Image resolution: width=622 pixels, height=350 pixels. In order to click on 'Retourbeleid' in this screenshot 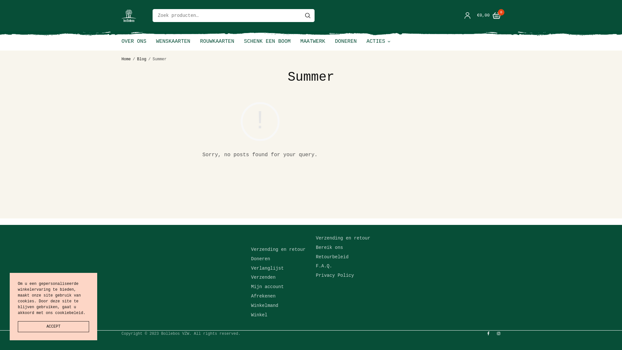, I will do `click(316, 257)`.